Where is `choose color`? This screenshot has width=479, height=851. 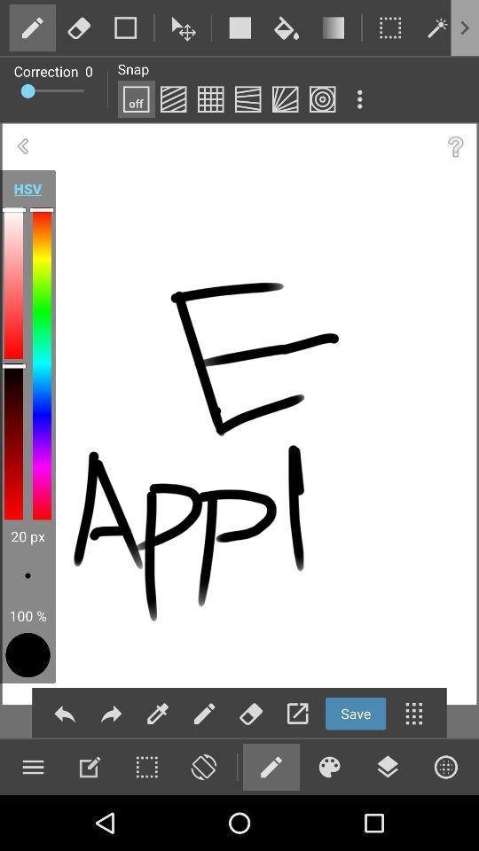 choose color is located at coordinates (124, 27).